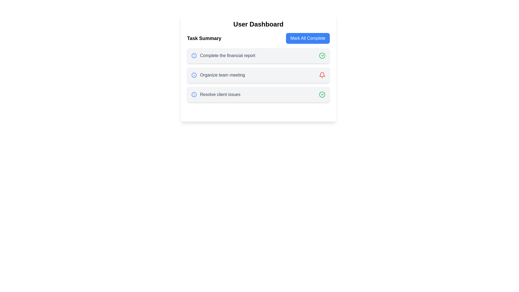 This screenshot has height=292, width=519. What do you see at coordinates (194, 55) in the screenshot?
I see `the circular icon containing an 'i' symbol with a blue outline, located to the left of the task titled 'Complete the financial report' to invoke additional information display` at bounding box center [194, 55].